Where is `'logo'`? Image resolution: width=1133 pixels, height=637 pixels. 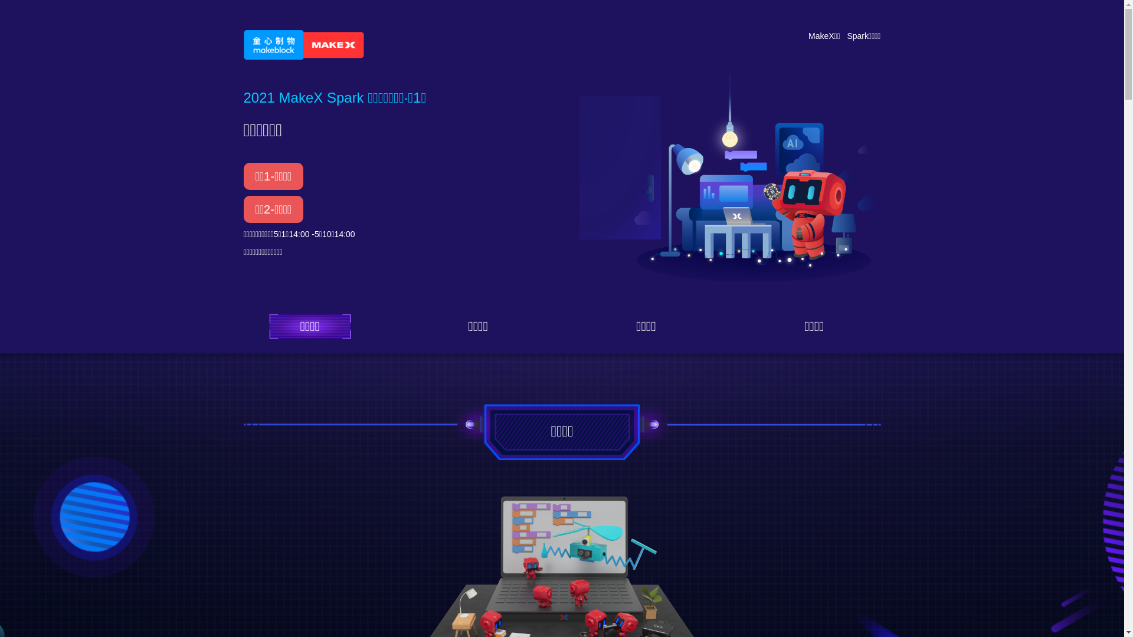 'logo' is located at coordinates (303, 44).